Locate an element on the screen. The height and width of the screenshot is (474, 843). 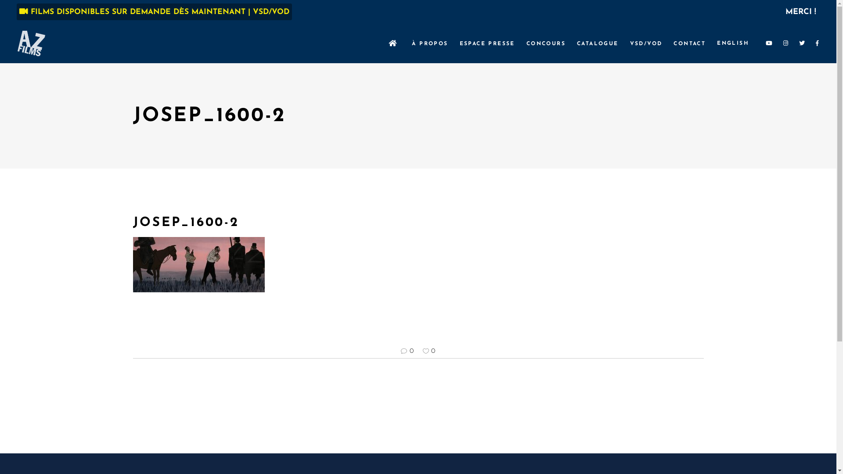
'ESPACE PRESSE' is located at coordinates (486, 43).